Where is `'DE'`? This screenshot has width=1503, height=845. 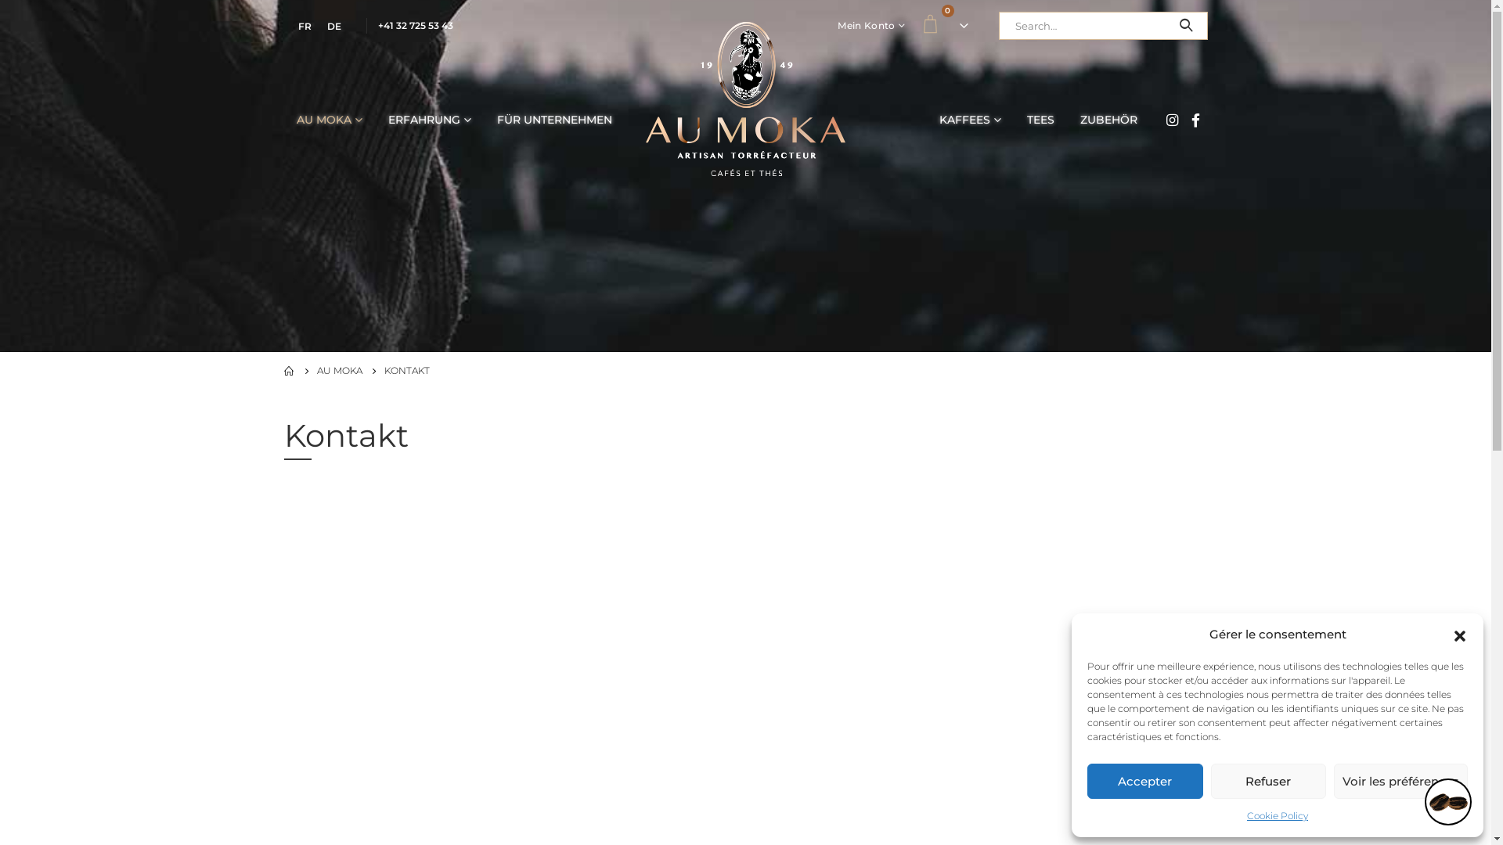 'DE' is located at coordinates (333, 27).